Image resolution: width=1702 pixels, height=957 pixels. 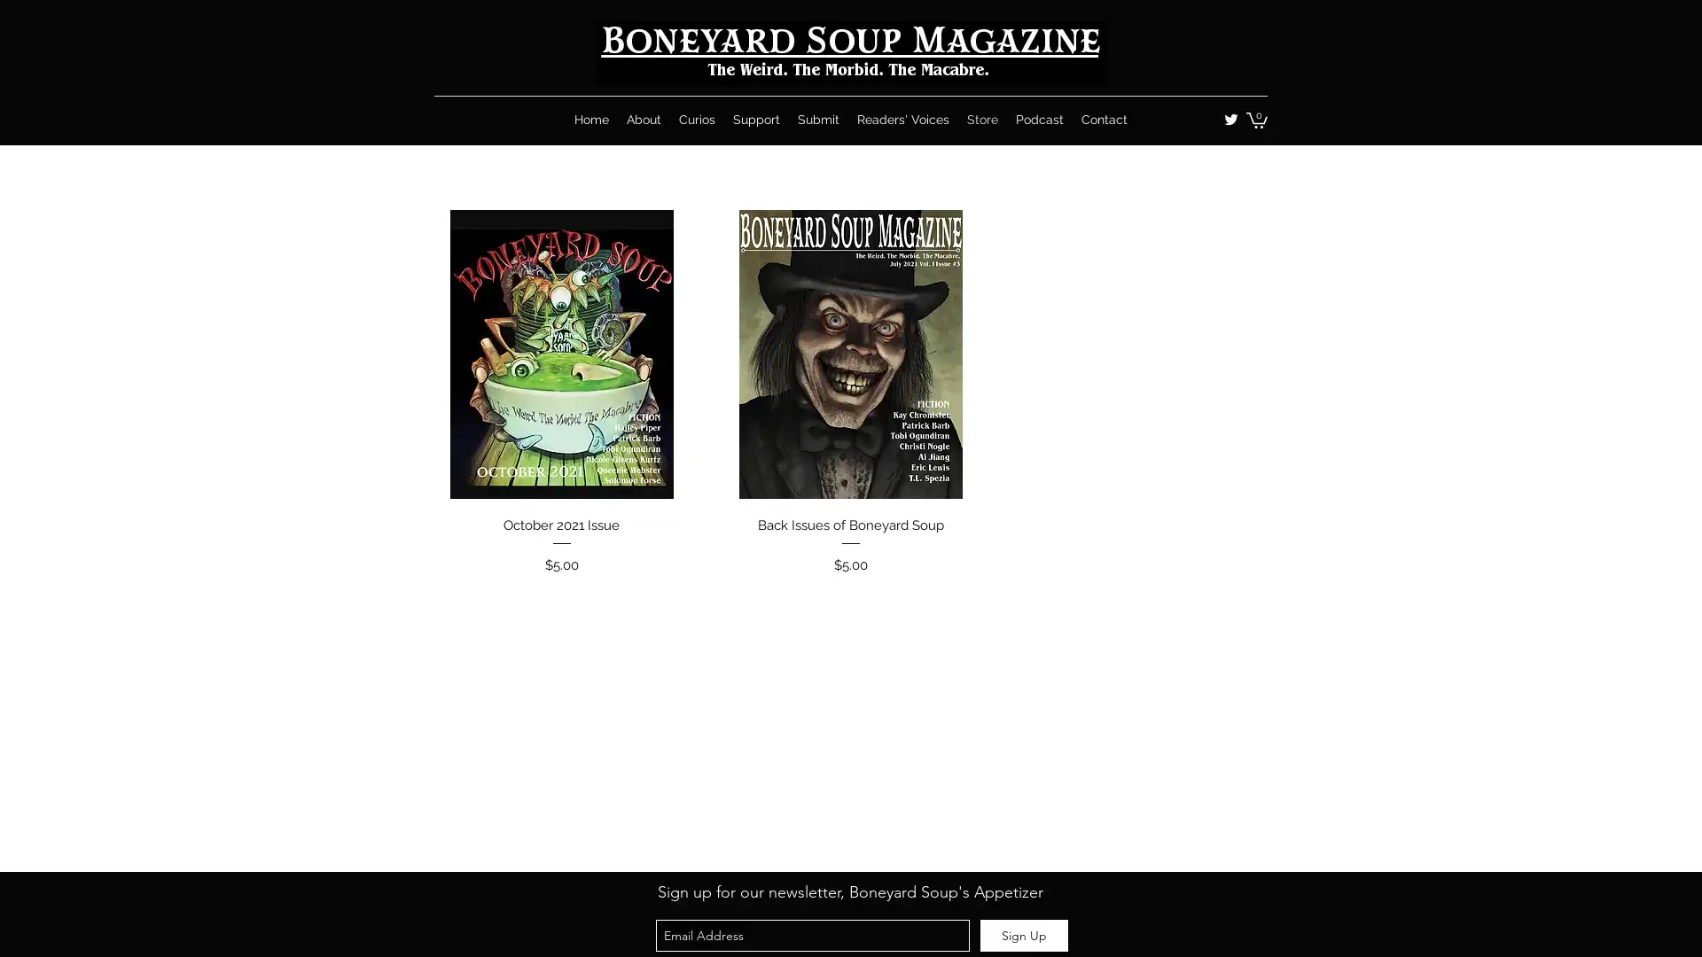 What do you see at coordinates (1024, 935) in the screenshot?
I see `Sign Up` at bounding box center [1024, 935].